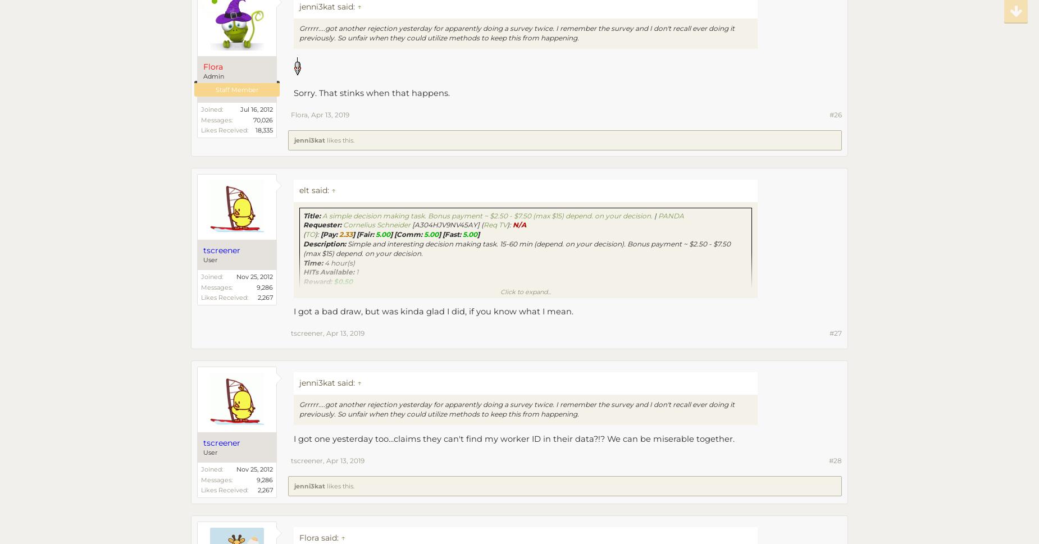  Describe the element at coordinates (306, 234) in the screenshot. I see `'TO'` at that location.